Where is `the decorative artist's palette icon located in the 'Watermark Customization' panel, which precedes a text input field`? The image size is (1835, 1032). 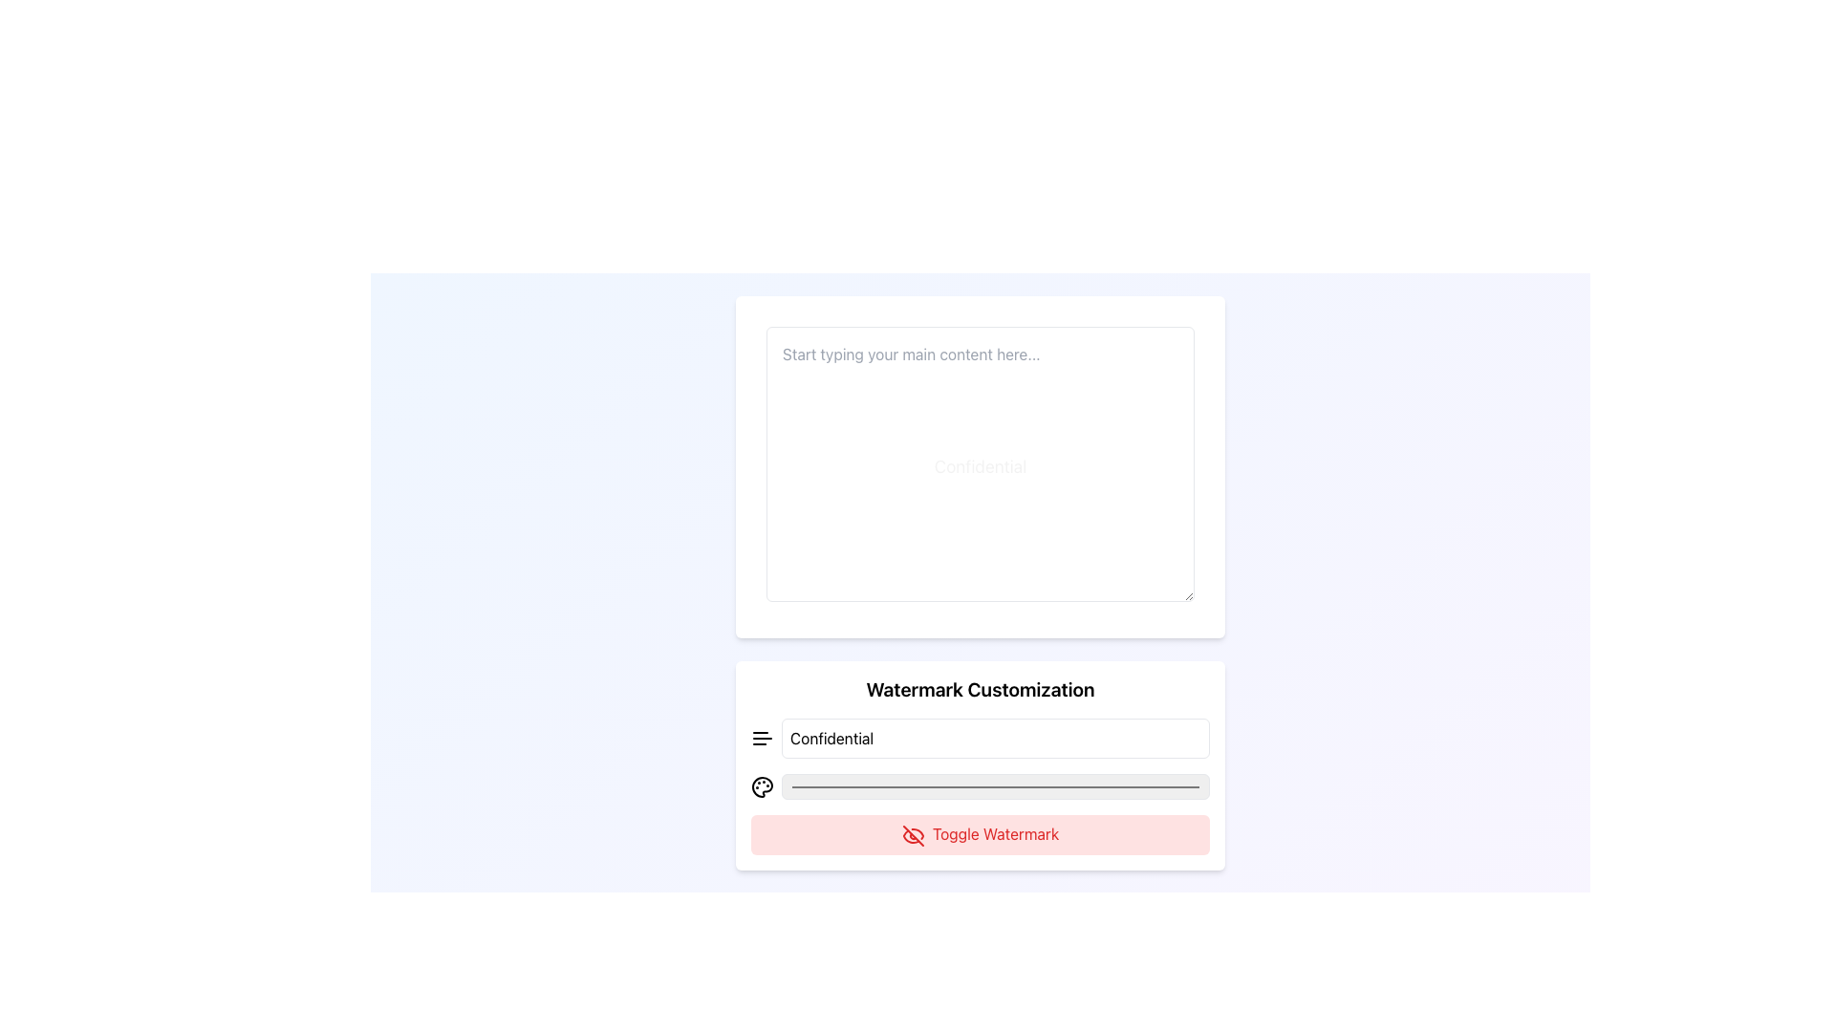
the decorative artist's palette icon located in the 'Watermark Customization' panel, which precedes a text input field is located at coordinates (761, 786).